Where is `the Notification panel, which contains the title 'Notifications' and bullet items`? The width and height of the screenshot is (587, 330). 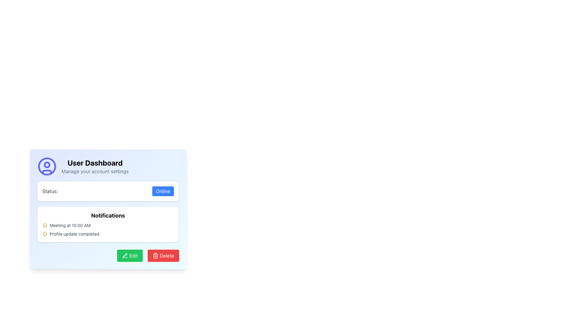
the Notification panel, which contains the title 'Notifications' and bullet items is located at coordinates (108, 211).